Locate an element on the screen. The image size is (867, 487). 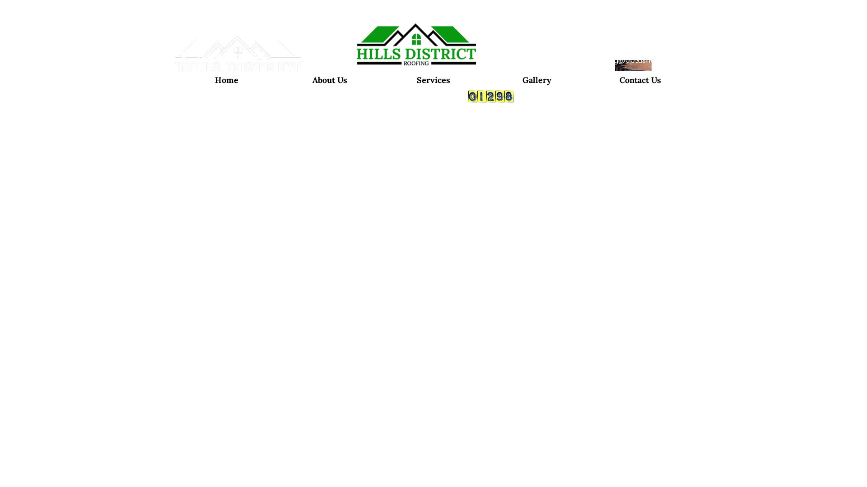
'Contact Us' is located at coordinates (640, 79).